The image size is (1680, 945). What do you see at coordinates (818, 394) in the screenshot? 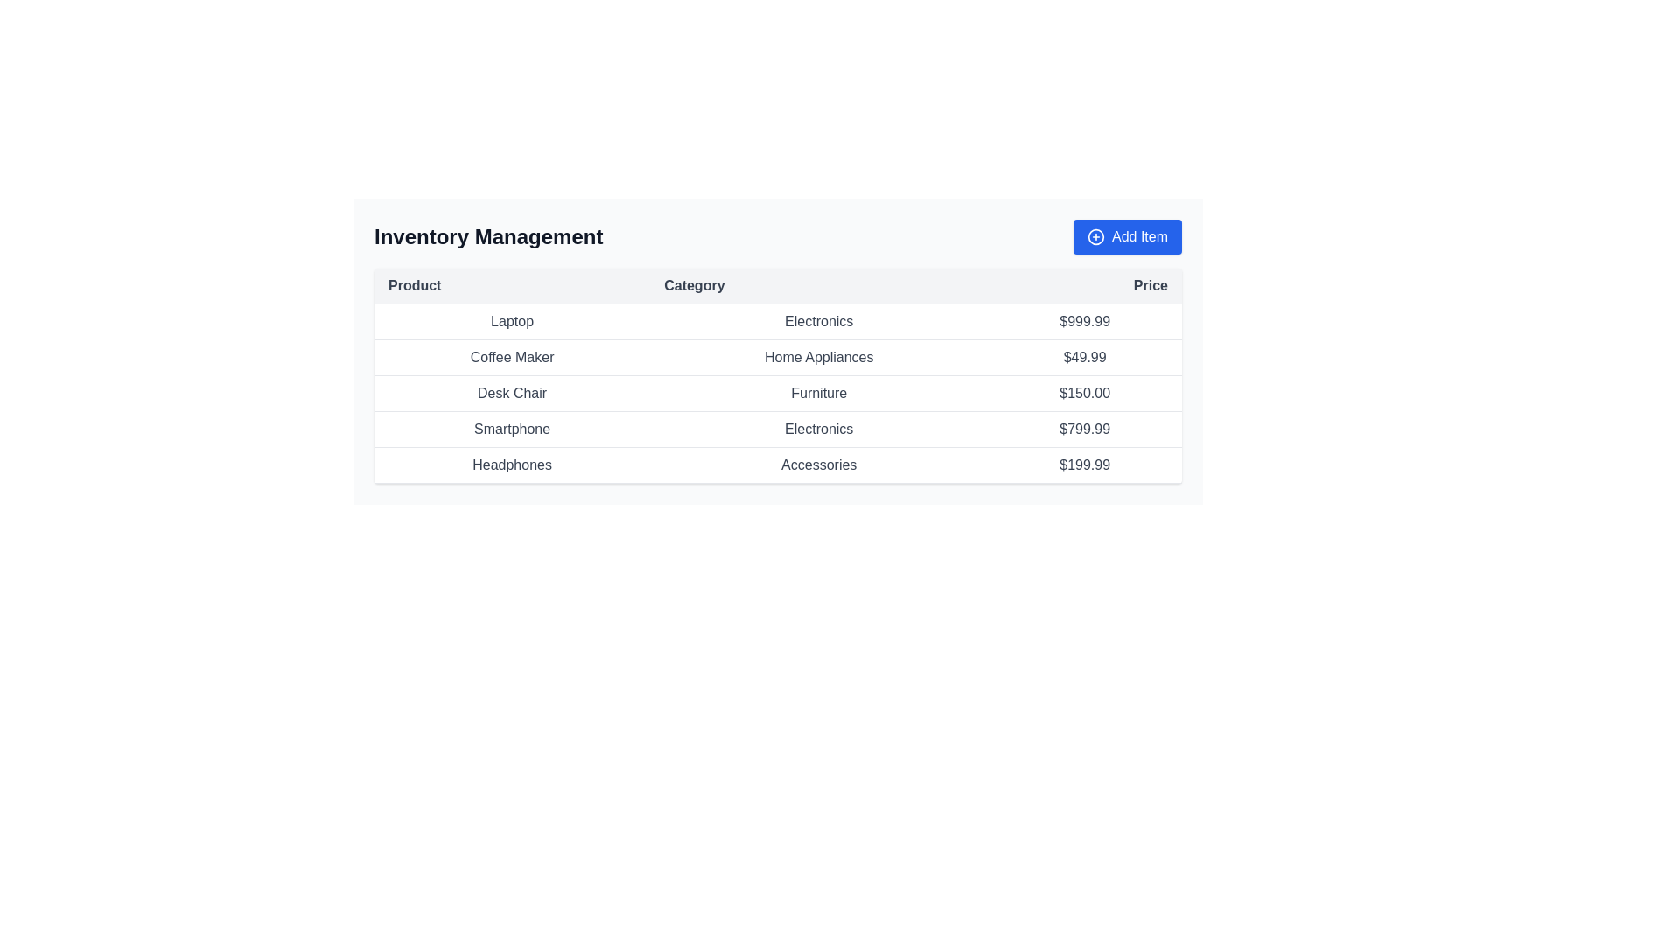
I see `category text of the 'Desk Chair' product, which is labeled in the second column of the table as 'Furniture'` at bounding box center [818, 394].